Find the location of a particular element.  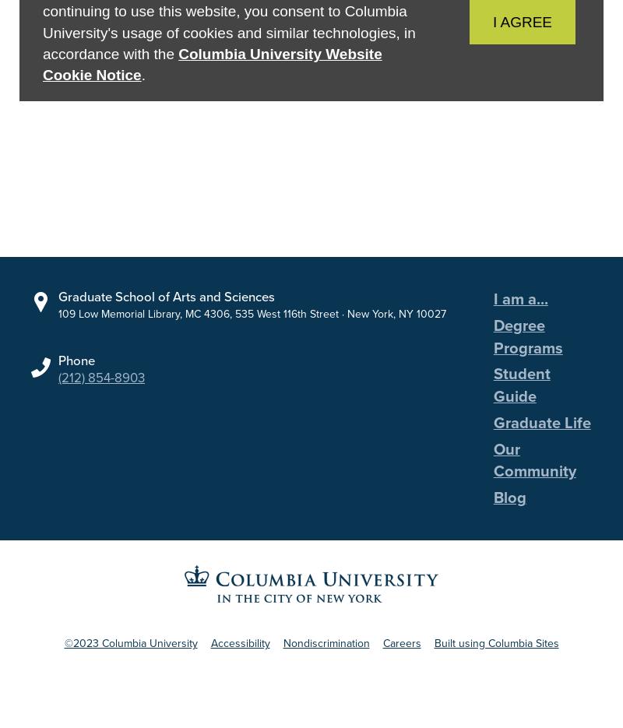

'Built using Columbia Sites' is located at coordinates (495, 656).